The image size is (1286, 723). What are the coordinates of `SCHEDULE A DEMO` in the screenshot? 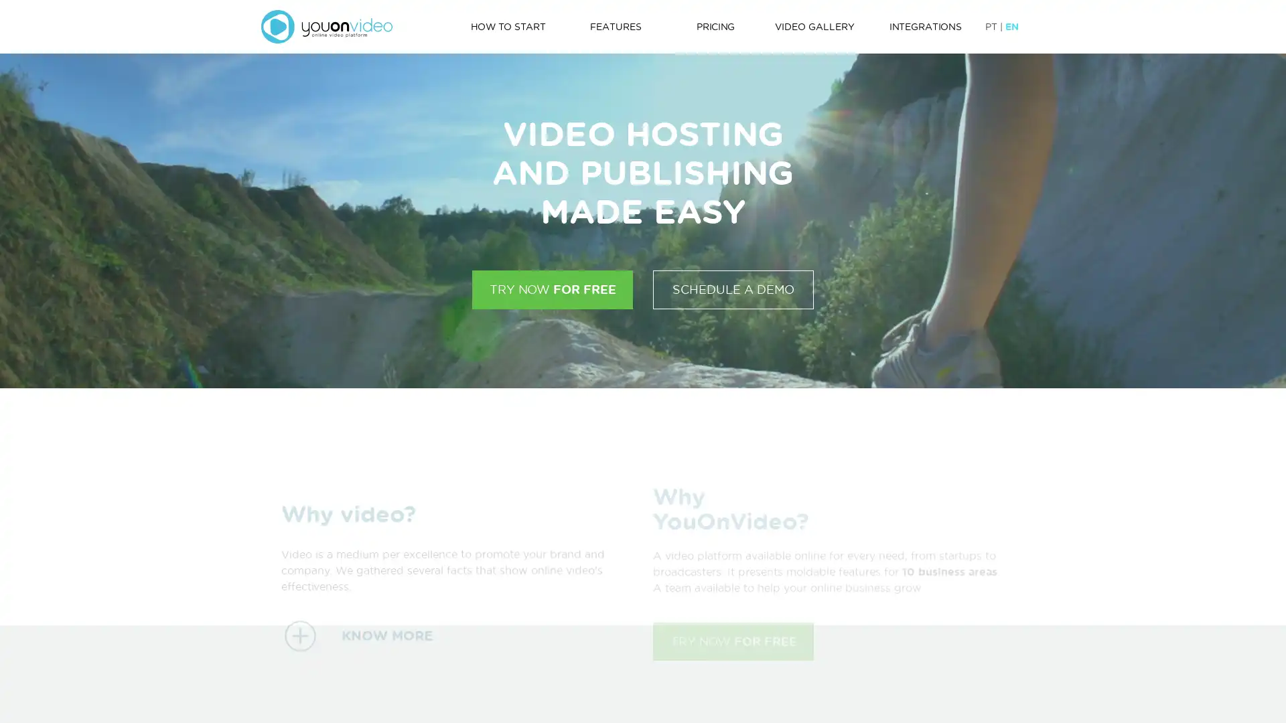 It's located at (732, 289).